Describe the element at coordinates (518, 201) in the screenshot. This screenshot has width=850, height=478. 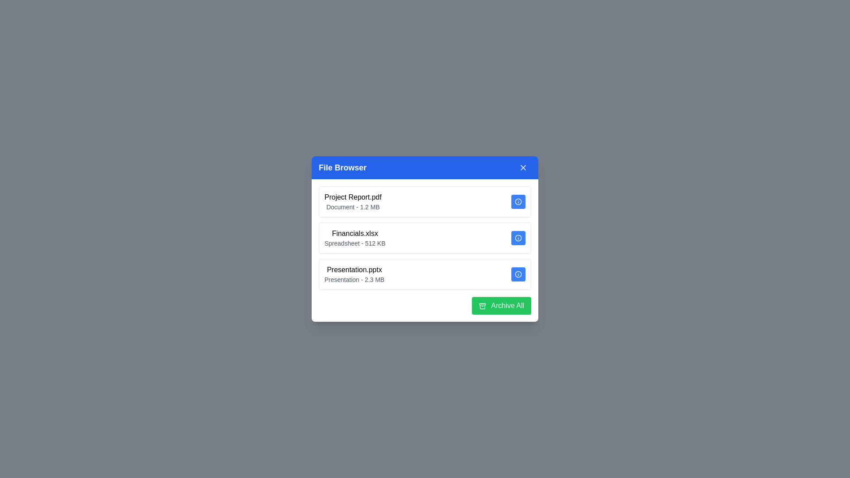
I see `'info' button for the file named Project Report.pdf` at that location.